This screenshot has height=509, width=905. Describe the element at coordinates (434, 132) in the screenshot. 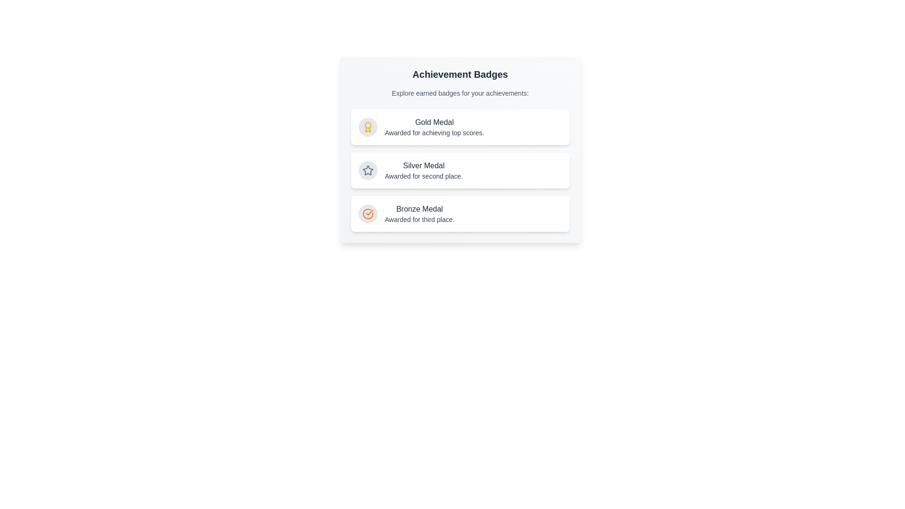

I see `the text label that explains the significance of achieving the 'Gold Medal' badge, positioned directly beneath the 'Gold Medal' text` at that location.